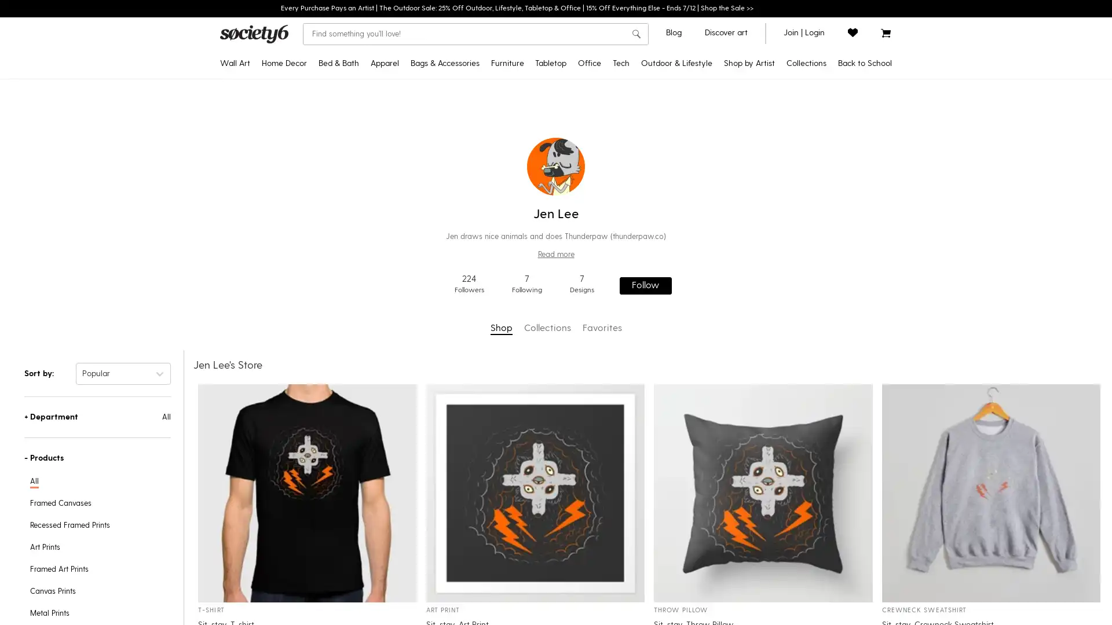  Describe the element at coordinates (572, 167) in the screenshot. I see `Placemats` at that location.